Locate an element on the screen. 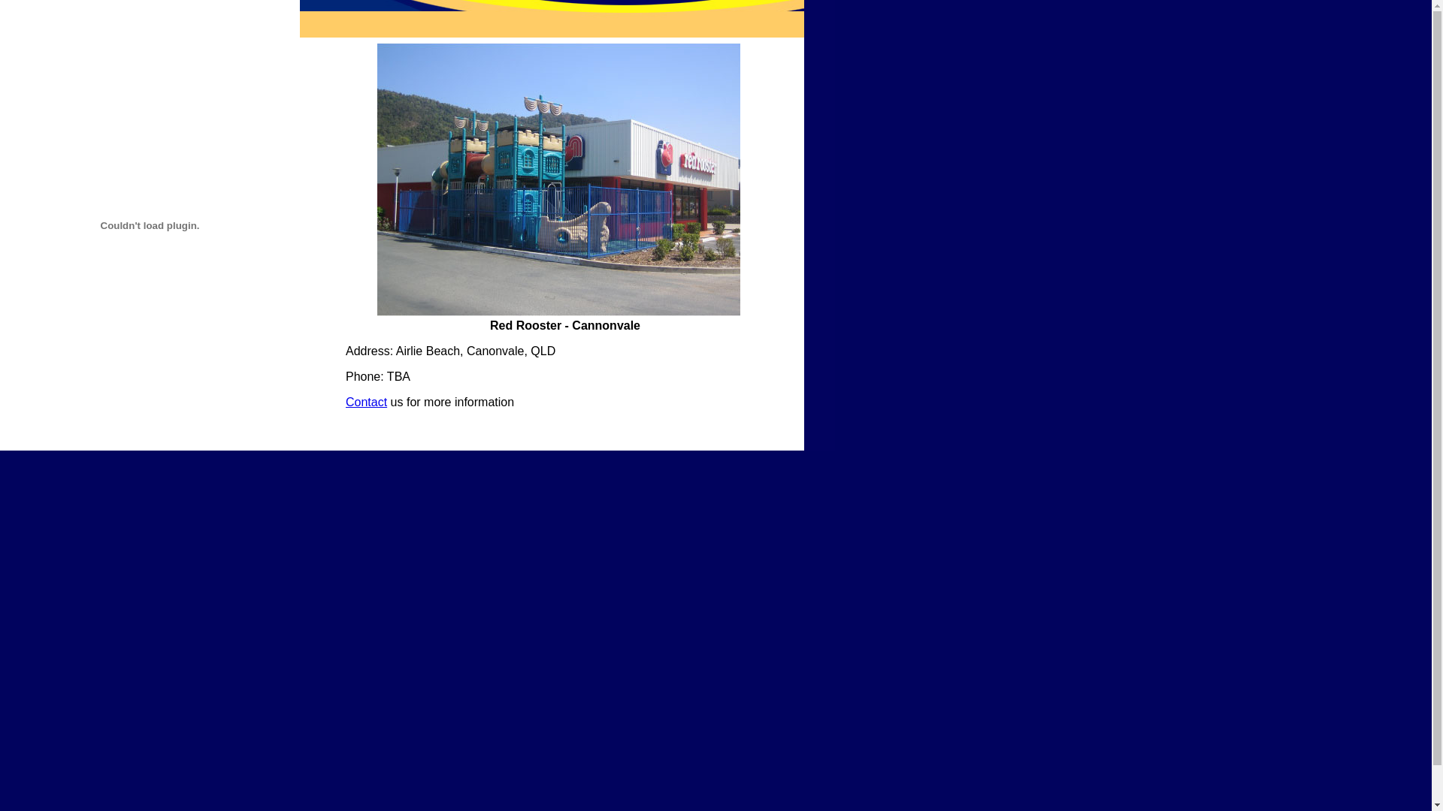 The height and width of the screenshot is (811, 1443). 'Contact' is located at coordinates (345, 401).